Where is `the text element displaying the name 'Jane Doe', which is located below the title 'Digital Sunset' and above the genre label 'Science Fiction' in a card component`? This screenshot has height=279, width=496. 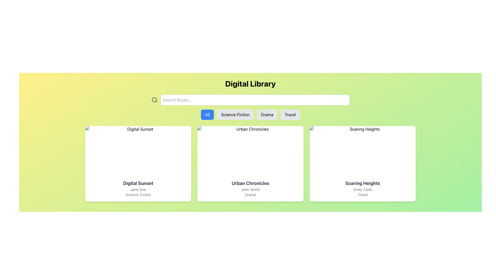
the text element displaying the name 'Jane Doe', which is located below the title 'Digital Sunset' and above the genre label 'Science Fiction' in a card component is located at coordinates (138, 189).